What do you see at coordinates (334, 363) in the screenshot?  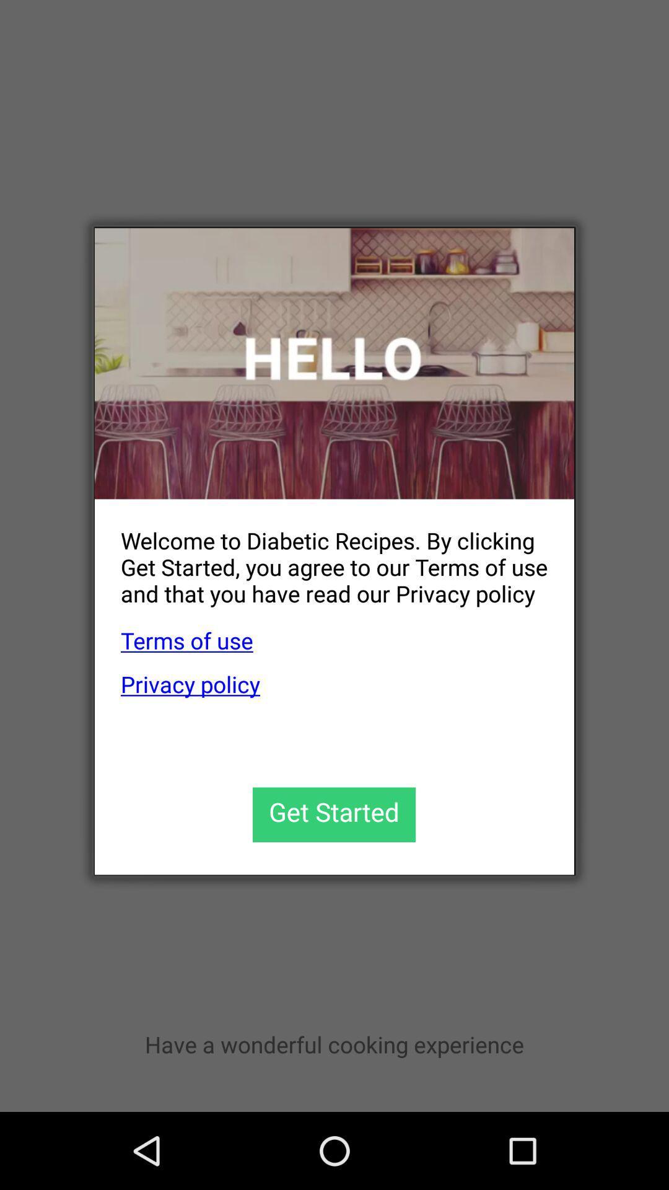 I see `the icon above welcome to diabetic` at bounding box center [334, 363].